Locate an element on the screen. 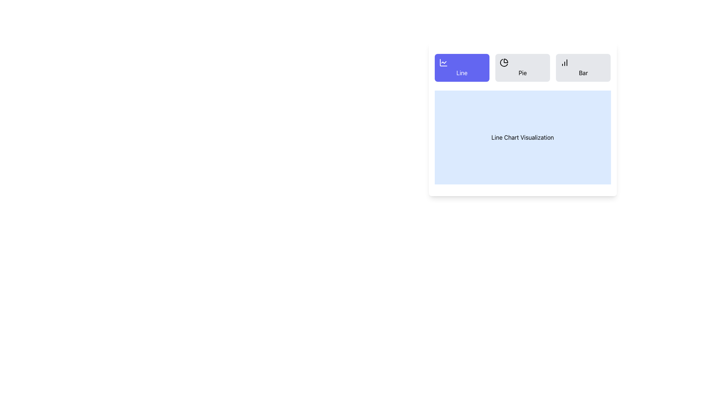 The image size is (705, 396). the 'Bar' chart type icon located at the far right of the chart type buttons in the header section is located at coordinates (564, 62).